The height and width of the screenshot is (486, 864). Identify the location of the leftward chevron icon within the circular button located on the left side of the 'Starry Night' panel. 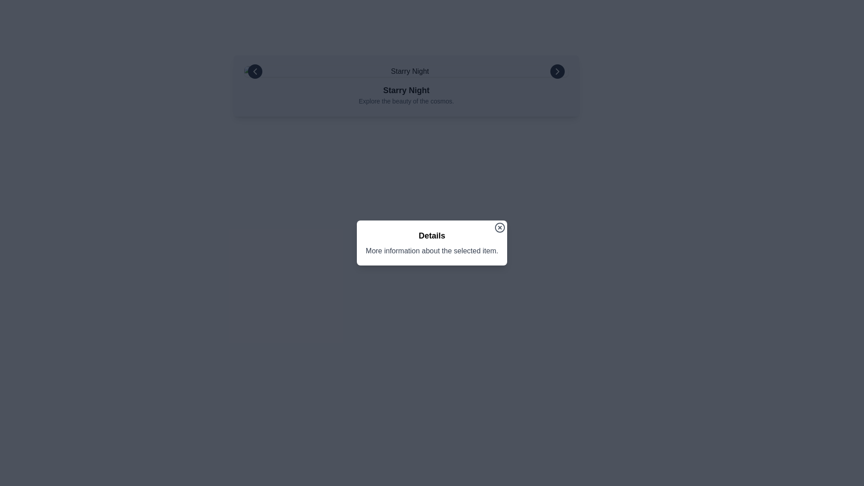
(254, 71).